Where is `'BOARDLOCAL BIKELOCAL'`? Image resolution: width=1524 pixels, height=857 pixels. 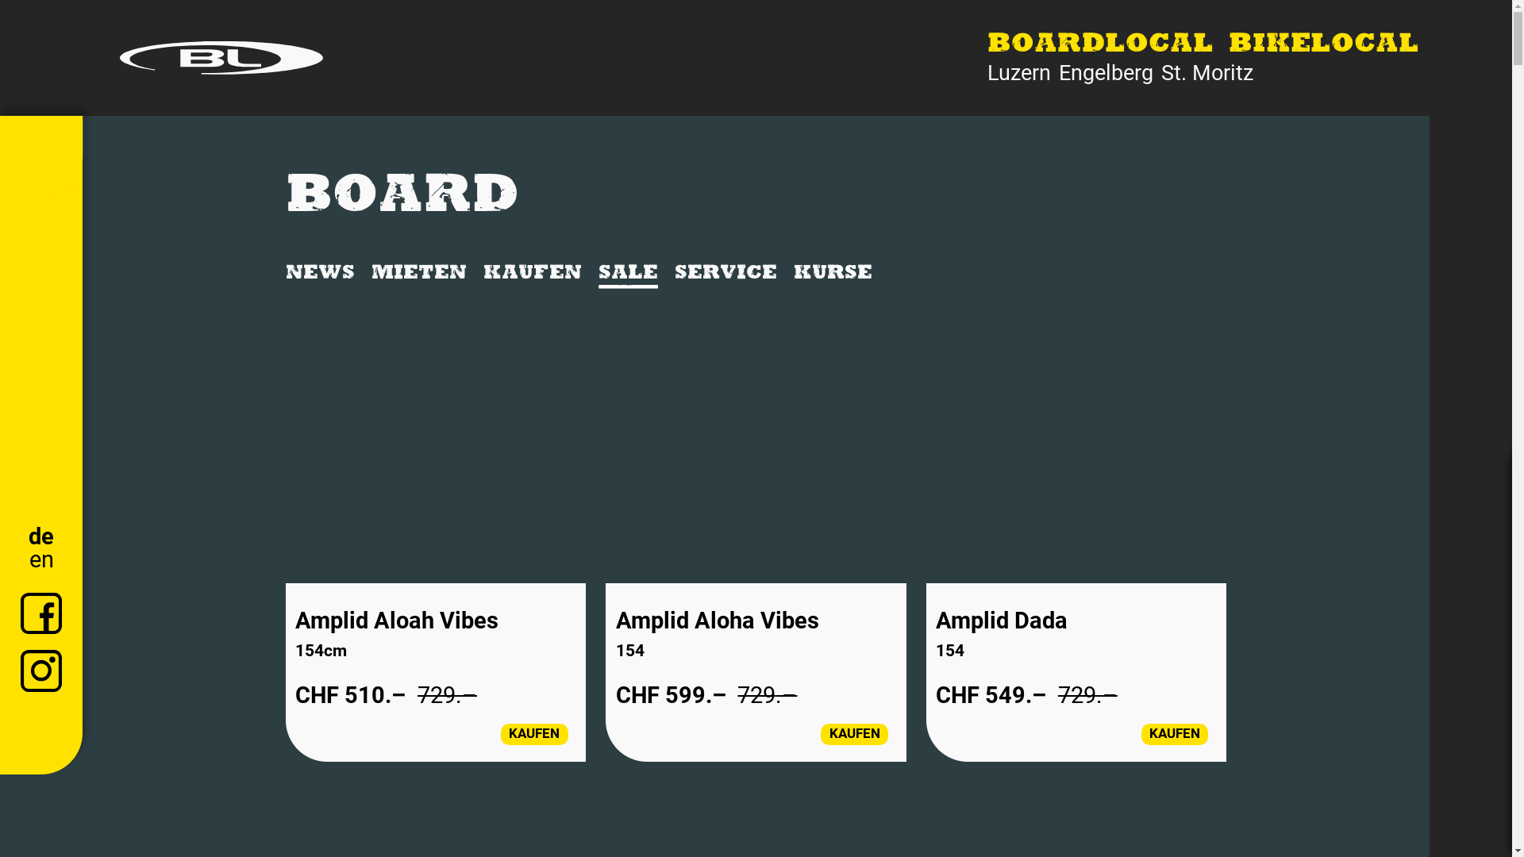 'BOARDLOCAL BIKELOCAL' is located at coordinates (1203, 44).